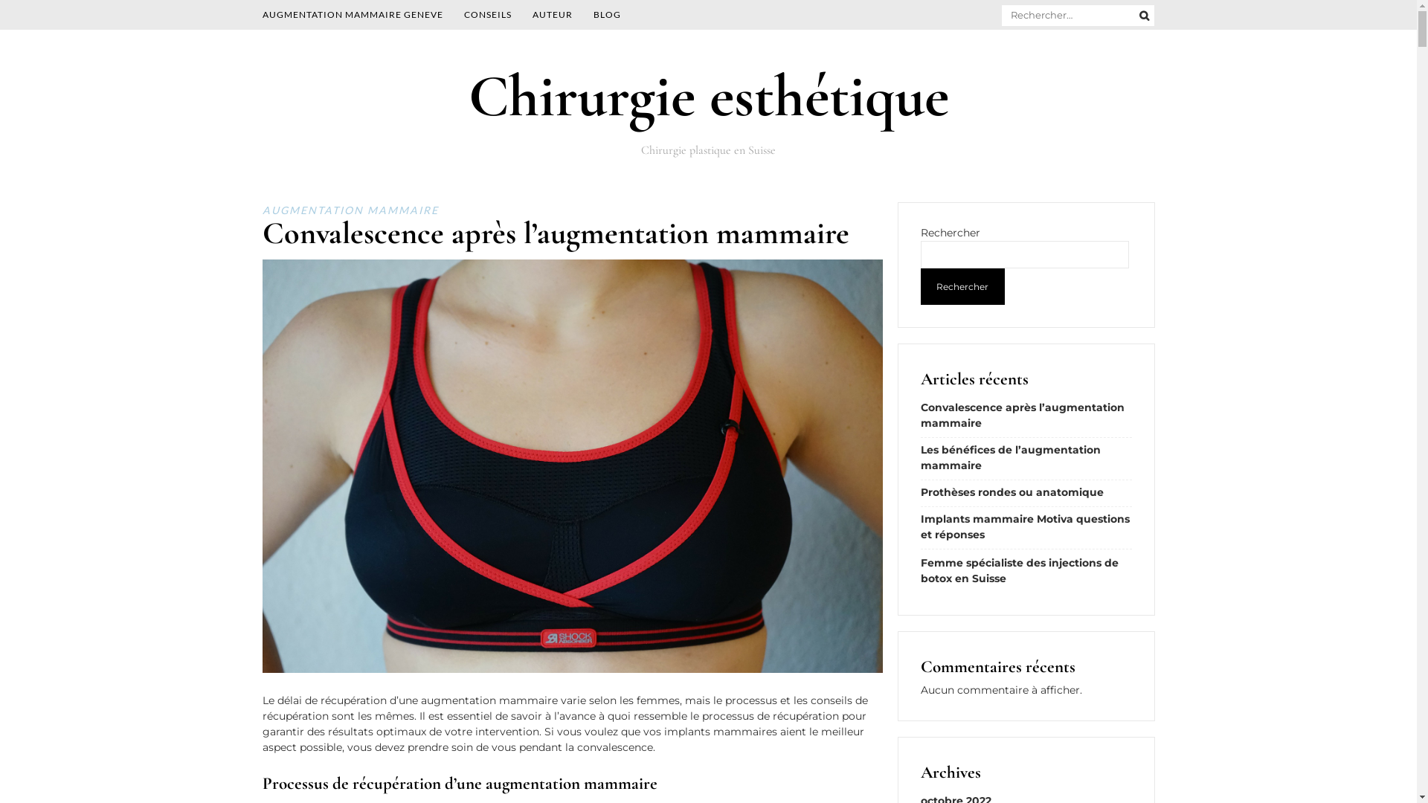  I want to click on 'Skip to content', so click(0, 51).